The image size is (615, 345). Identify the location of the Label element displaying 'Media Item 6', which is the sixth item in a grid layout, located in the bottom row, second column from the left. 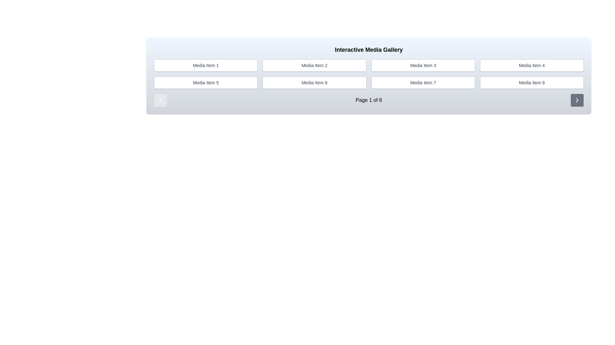
(314, 82).